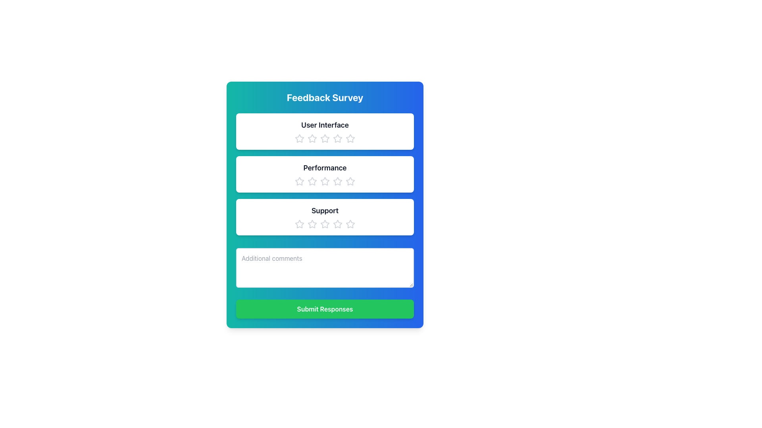 The image size is (762, 428). Describe the element at coordinates (325, 224) in the screenshot. I see `the fourth star icon in the rating system for the 'Support' section` at that location.